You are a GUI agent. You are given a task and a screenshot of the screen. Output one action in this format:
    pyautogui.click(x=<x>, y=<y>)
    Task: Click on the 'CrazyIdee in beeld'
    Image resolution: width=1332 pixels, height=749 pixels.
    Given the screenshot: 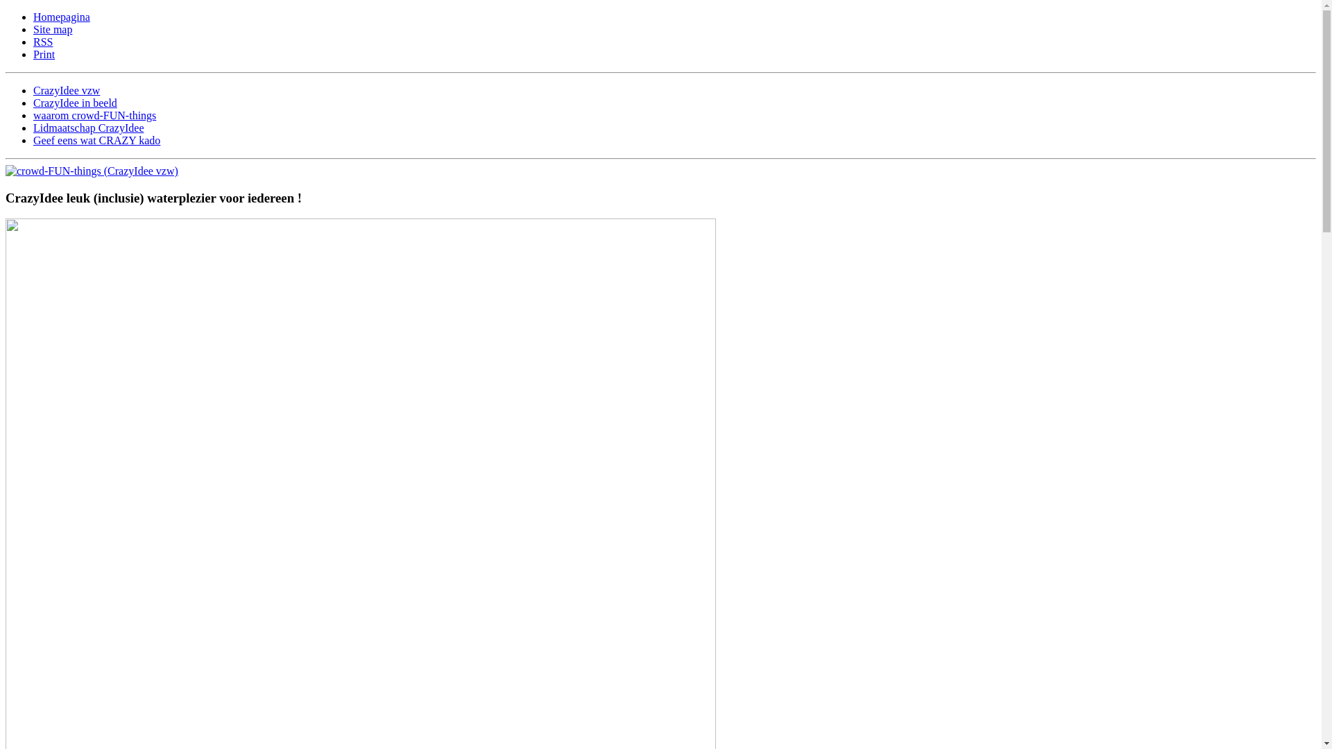 What is the action you would take?
    pyautogui.click(x=74, y=102)
    